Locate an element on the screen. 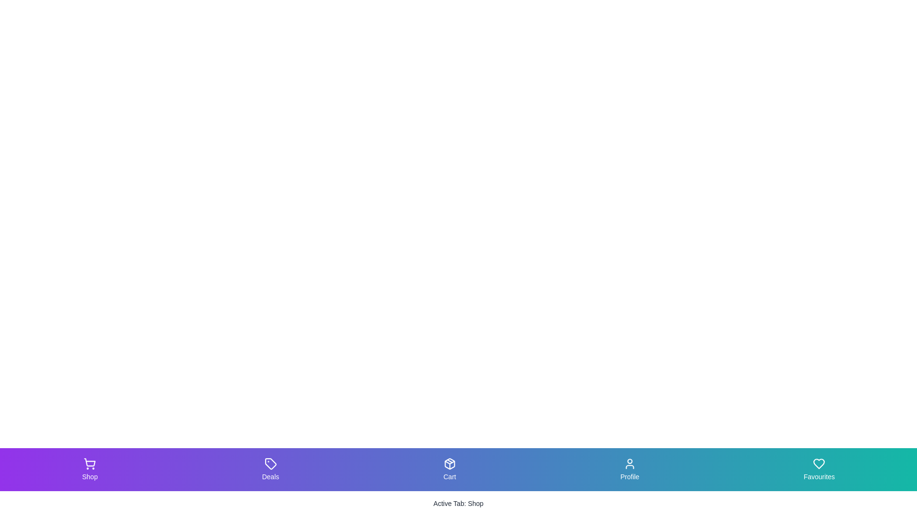 The height and width of the screenshot is (516, 917). the Profile tab in the bottom navigation bar to navigate to its respective section is located at coordinates (629, 469).